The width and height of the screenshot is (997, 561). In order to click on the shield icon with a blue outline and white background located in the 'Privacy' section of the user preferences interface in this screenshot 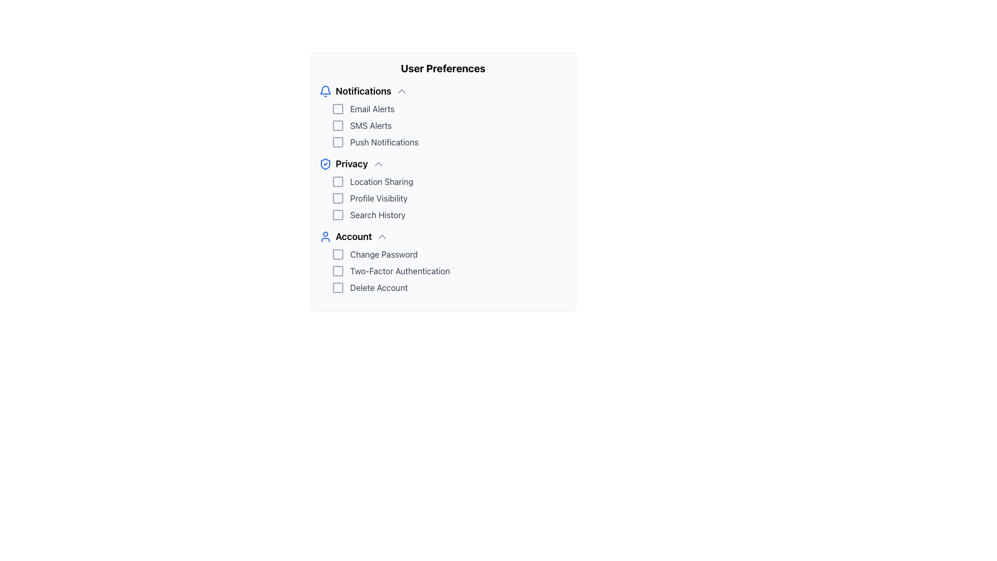, I will do `click(325, 164)`.